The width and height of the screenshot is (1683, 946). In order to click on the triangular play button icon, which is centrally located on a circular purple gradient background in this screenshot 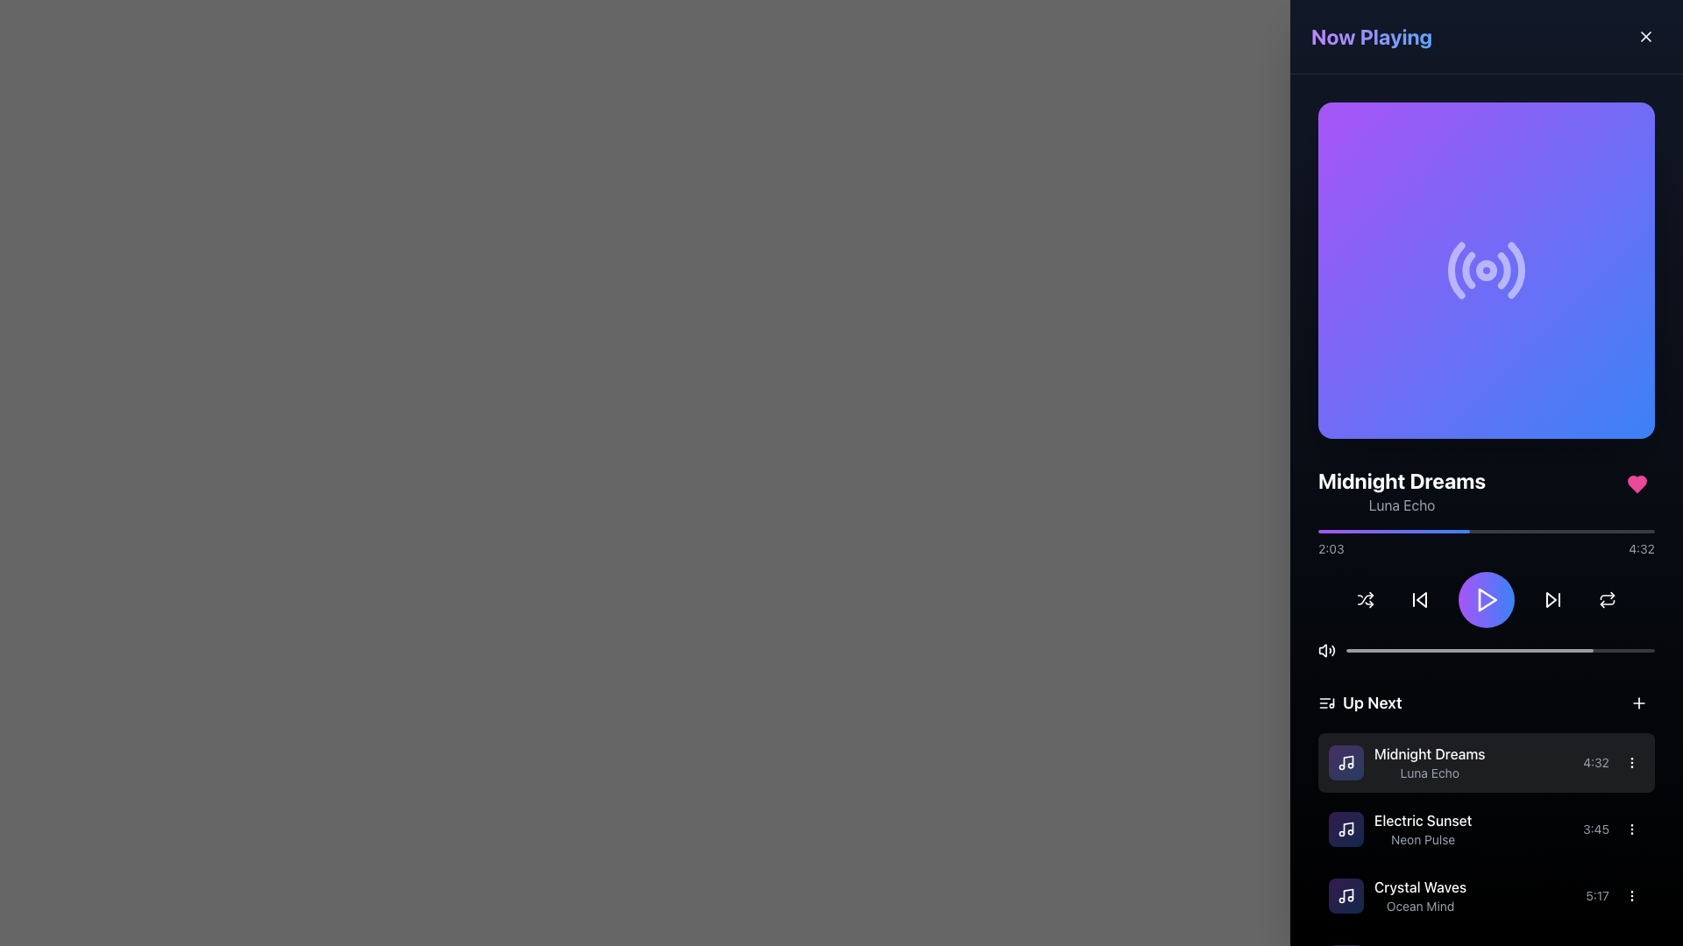, I will do `click(1487, 599)`.